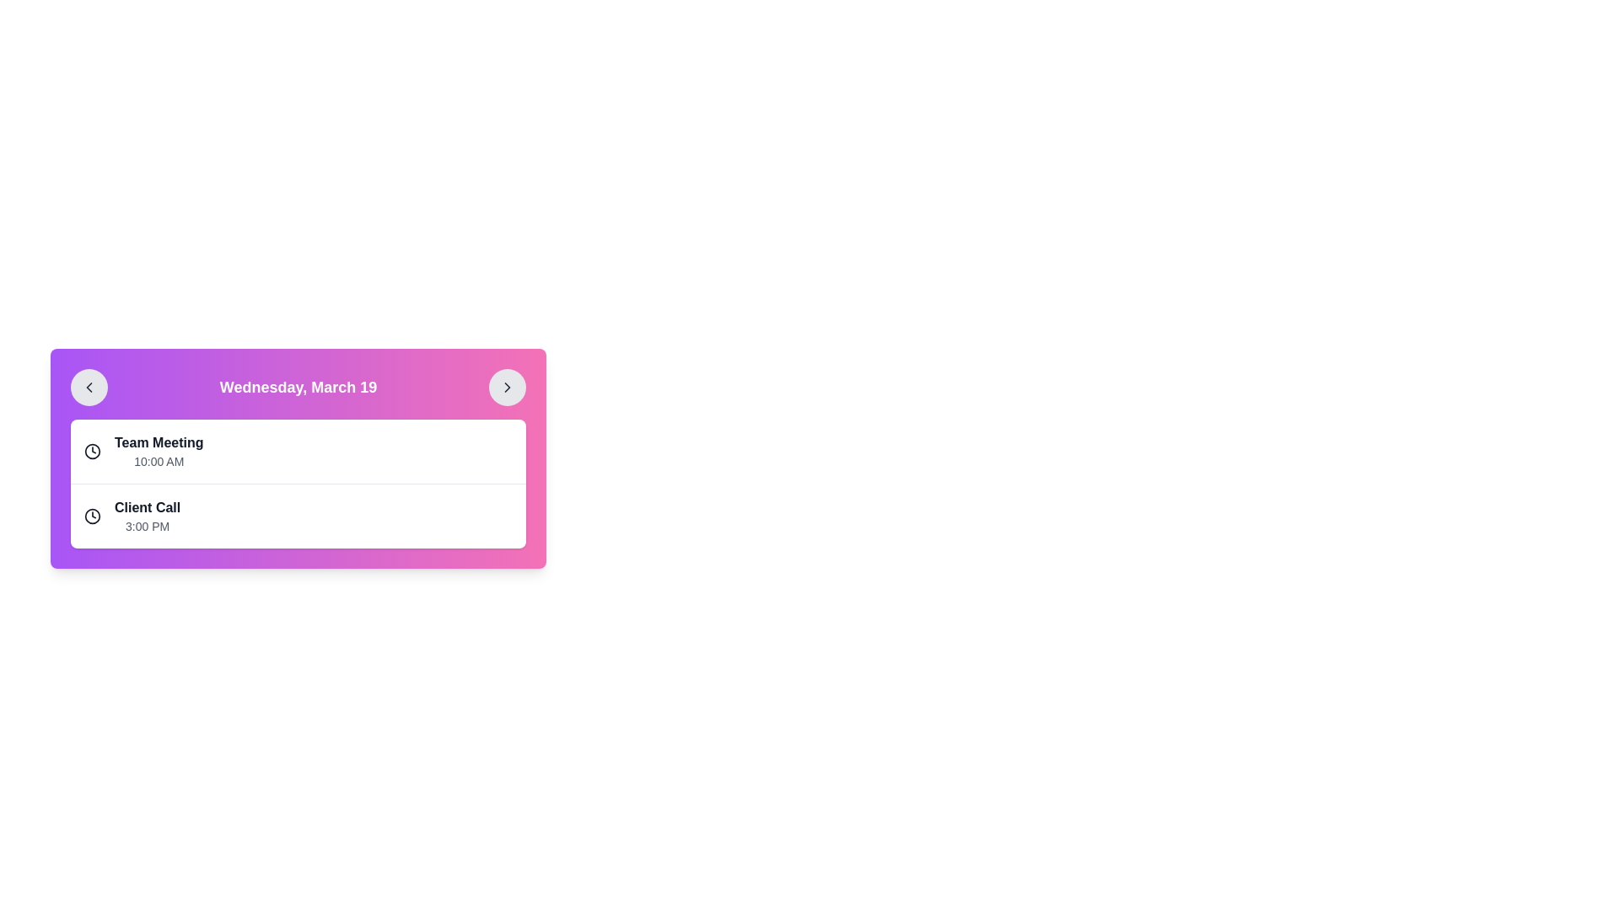  I want to click on the left-pointing arrow SVG icon in the header bar, so click(88, 387).